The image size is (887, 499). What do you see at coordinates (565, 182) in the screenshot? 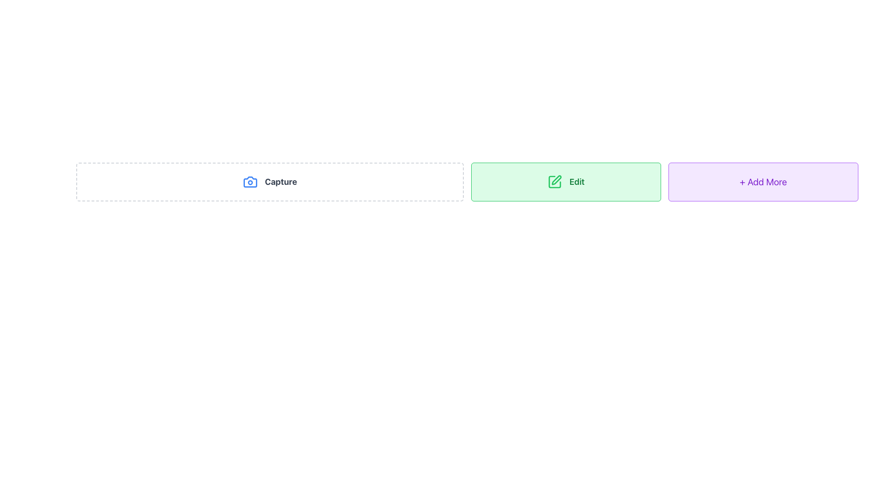
I see `the 'Edit' button with a light green background and a green pen icon` at bounding box center [565, 182].